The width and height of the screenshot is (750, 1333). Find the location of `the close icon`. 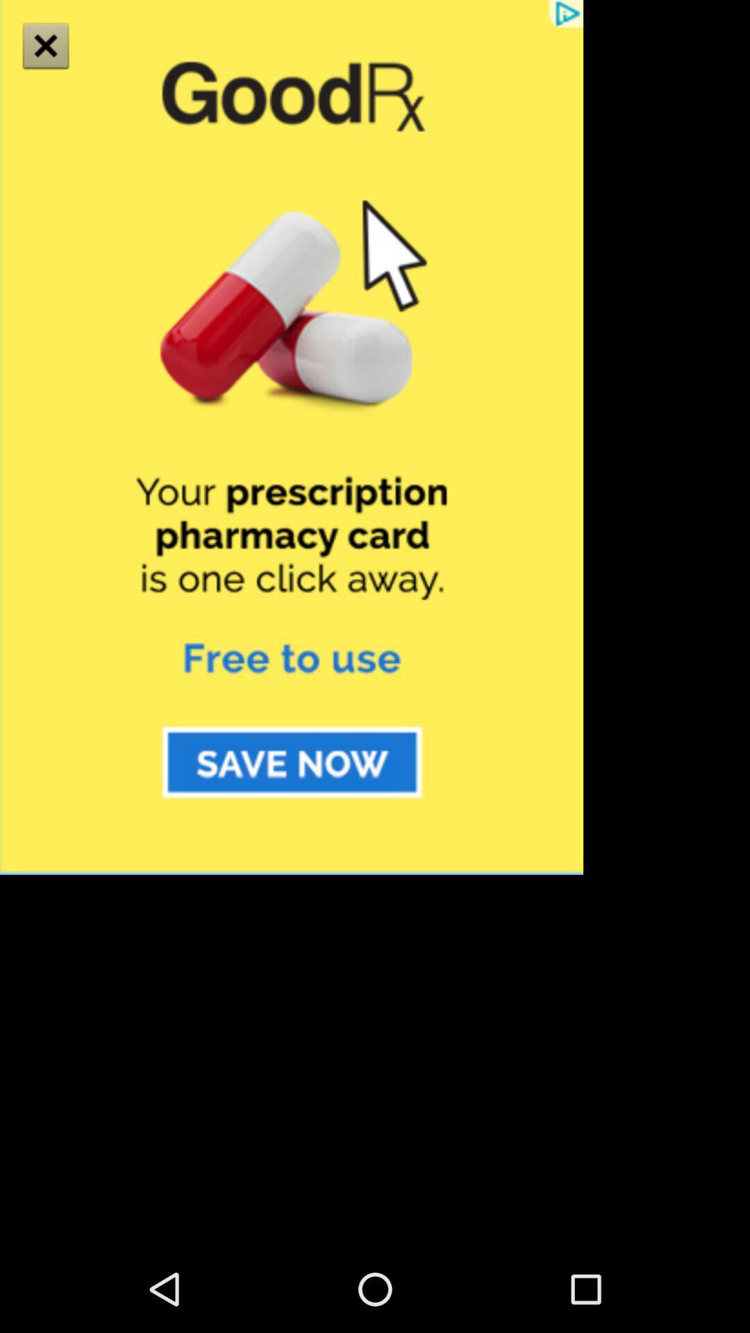

the close icon is located at coordinates (44, 49).